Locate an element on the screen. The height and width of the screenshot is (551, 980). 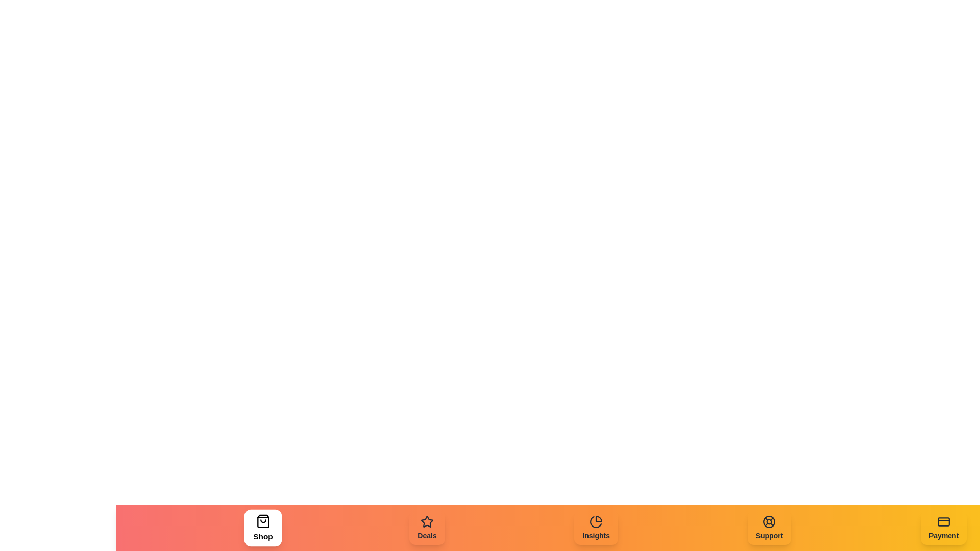
the Payment tab to navigate to its section is located at coordinates (943, 528).